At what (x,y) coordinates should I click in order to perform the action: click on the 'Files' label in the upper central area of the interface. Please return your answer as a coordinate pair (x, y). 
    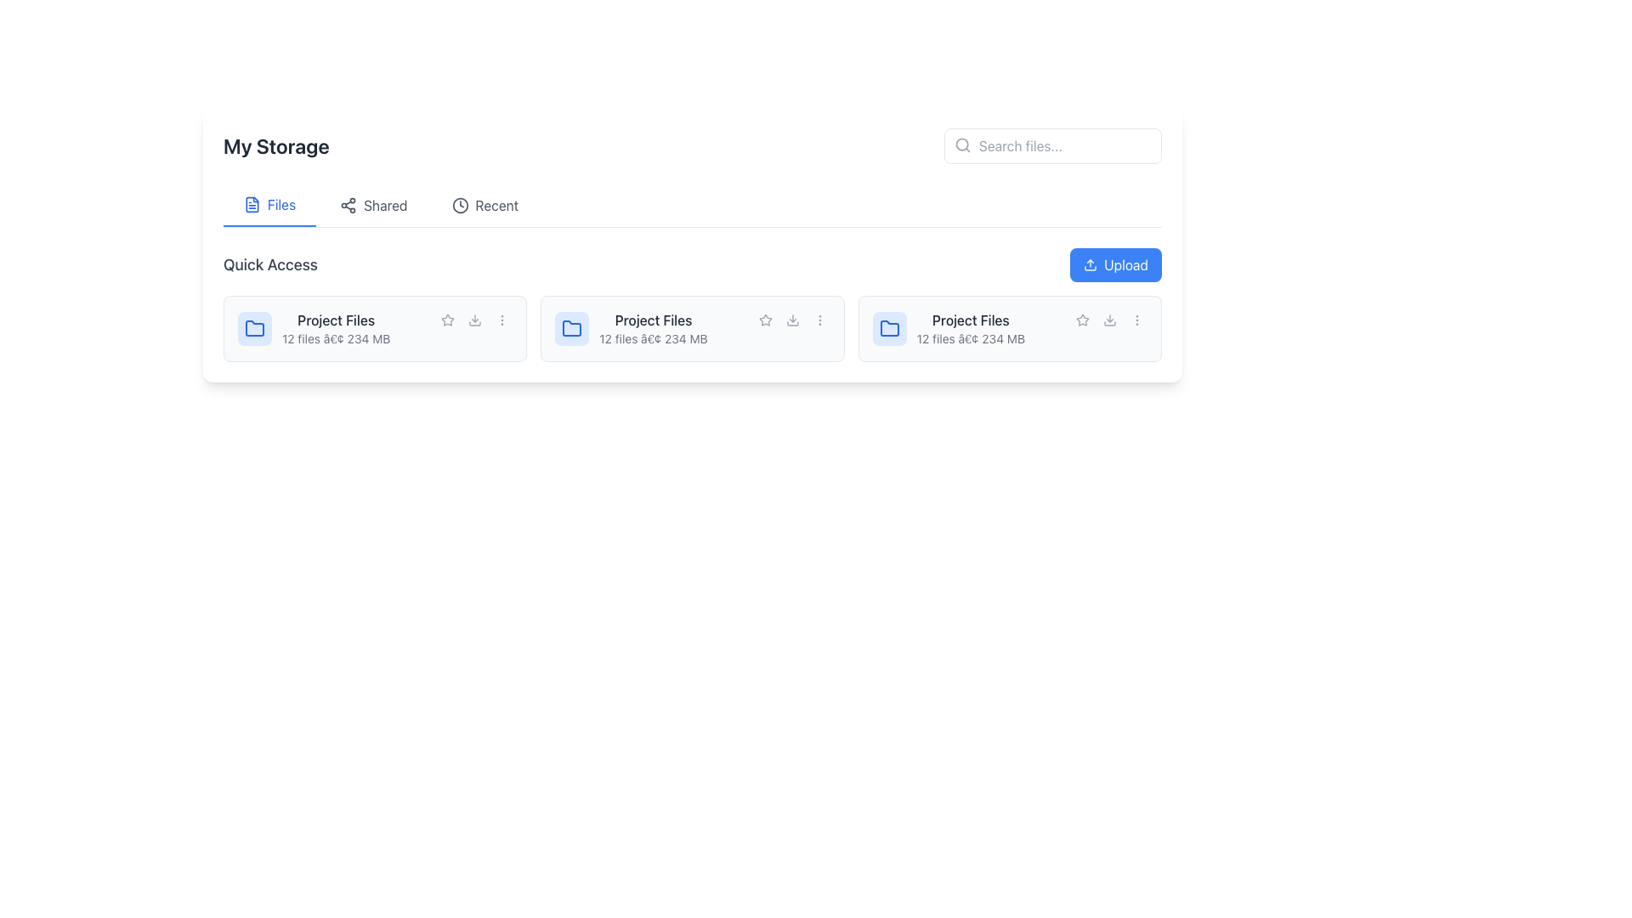
    Looking at the image, I should click on (281, 203).